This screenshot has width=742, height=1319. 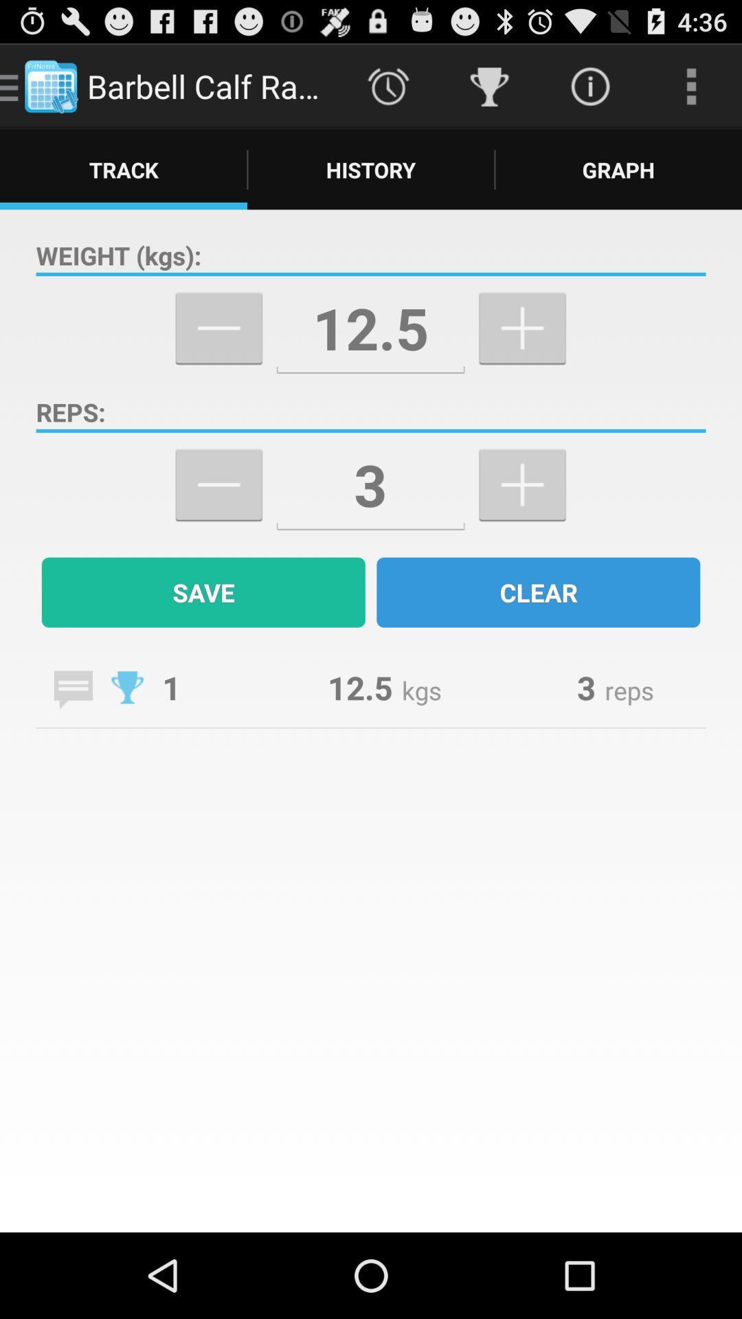 I want to click on leave comment, so click(x=73, y=690).